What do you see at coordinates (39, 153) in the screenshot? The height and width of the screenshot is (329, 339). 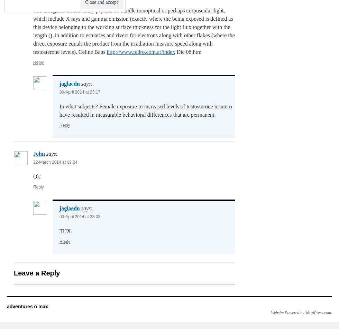 I see `'John'` at bounding box center [39, 153].